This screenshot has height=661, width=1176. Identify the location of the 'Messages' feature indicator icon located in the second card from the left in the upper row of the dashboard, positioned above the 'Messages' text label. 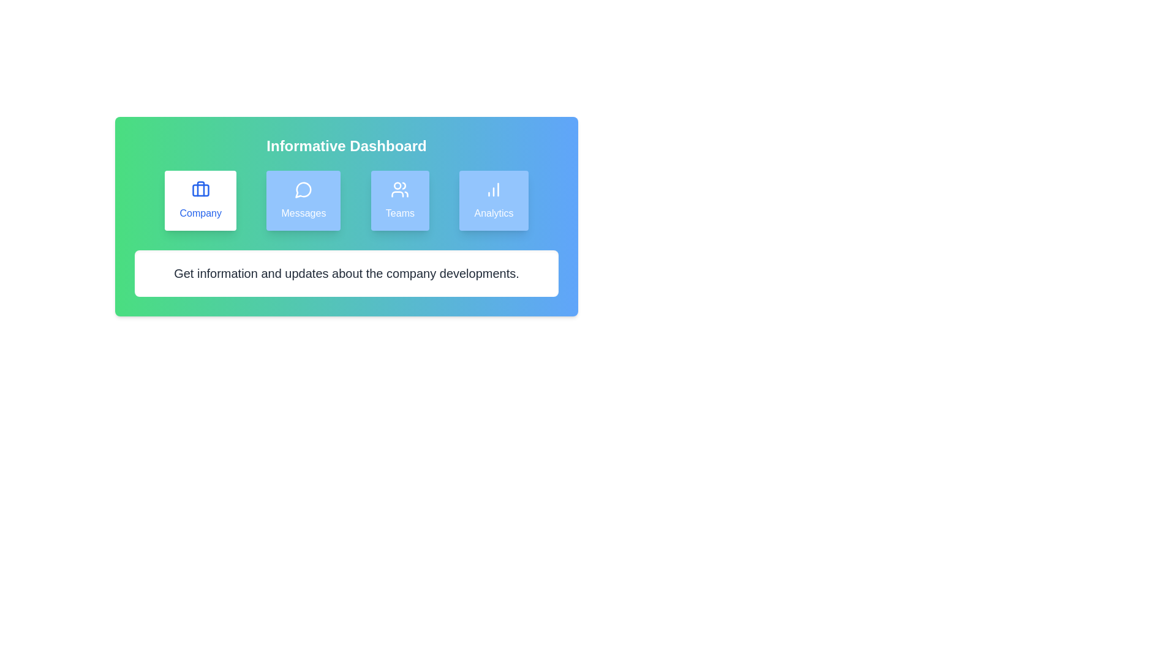
(303, 189).